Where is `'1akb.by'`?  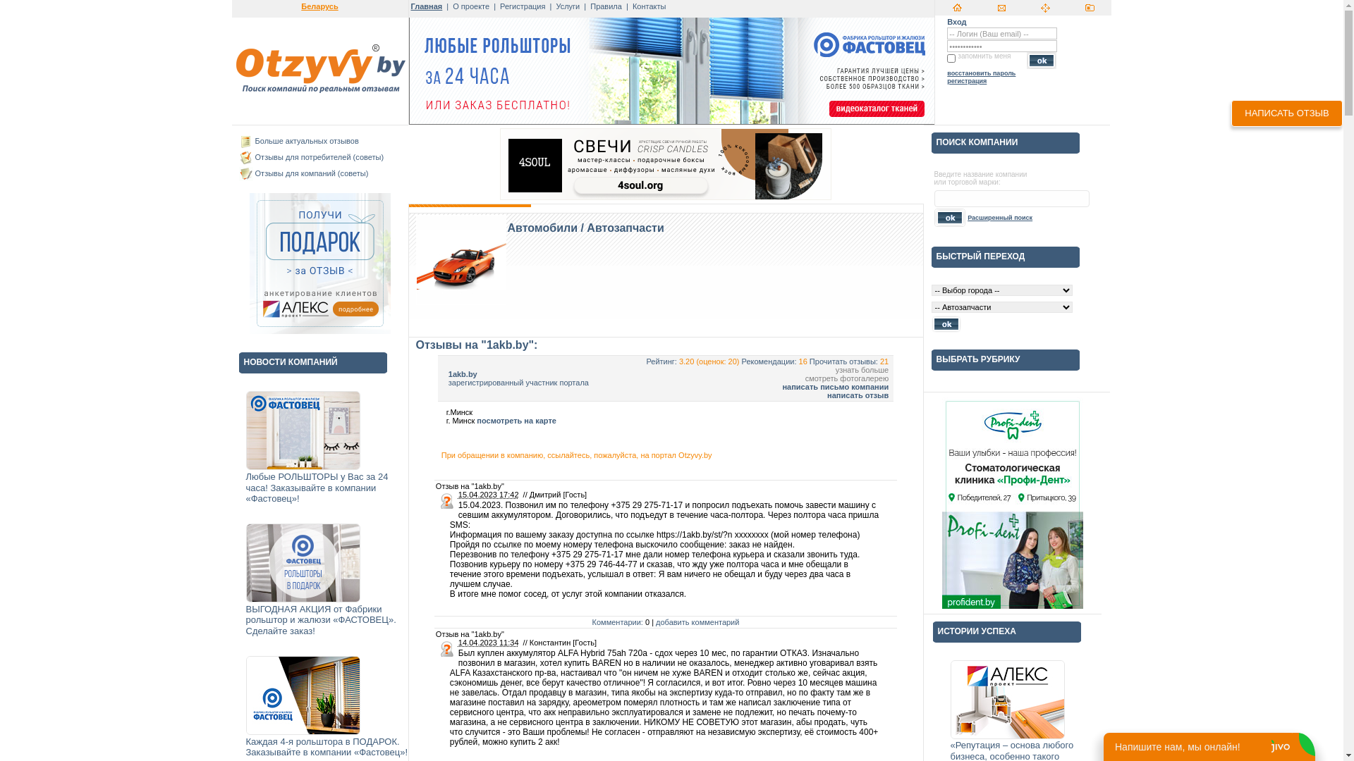 '1akb.by' is located at coordinates (463, 373).